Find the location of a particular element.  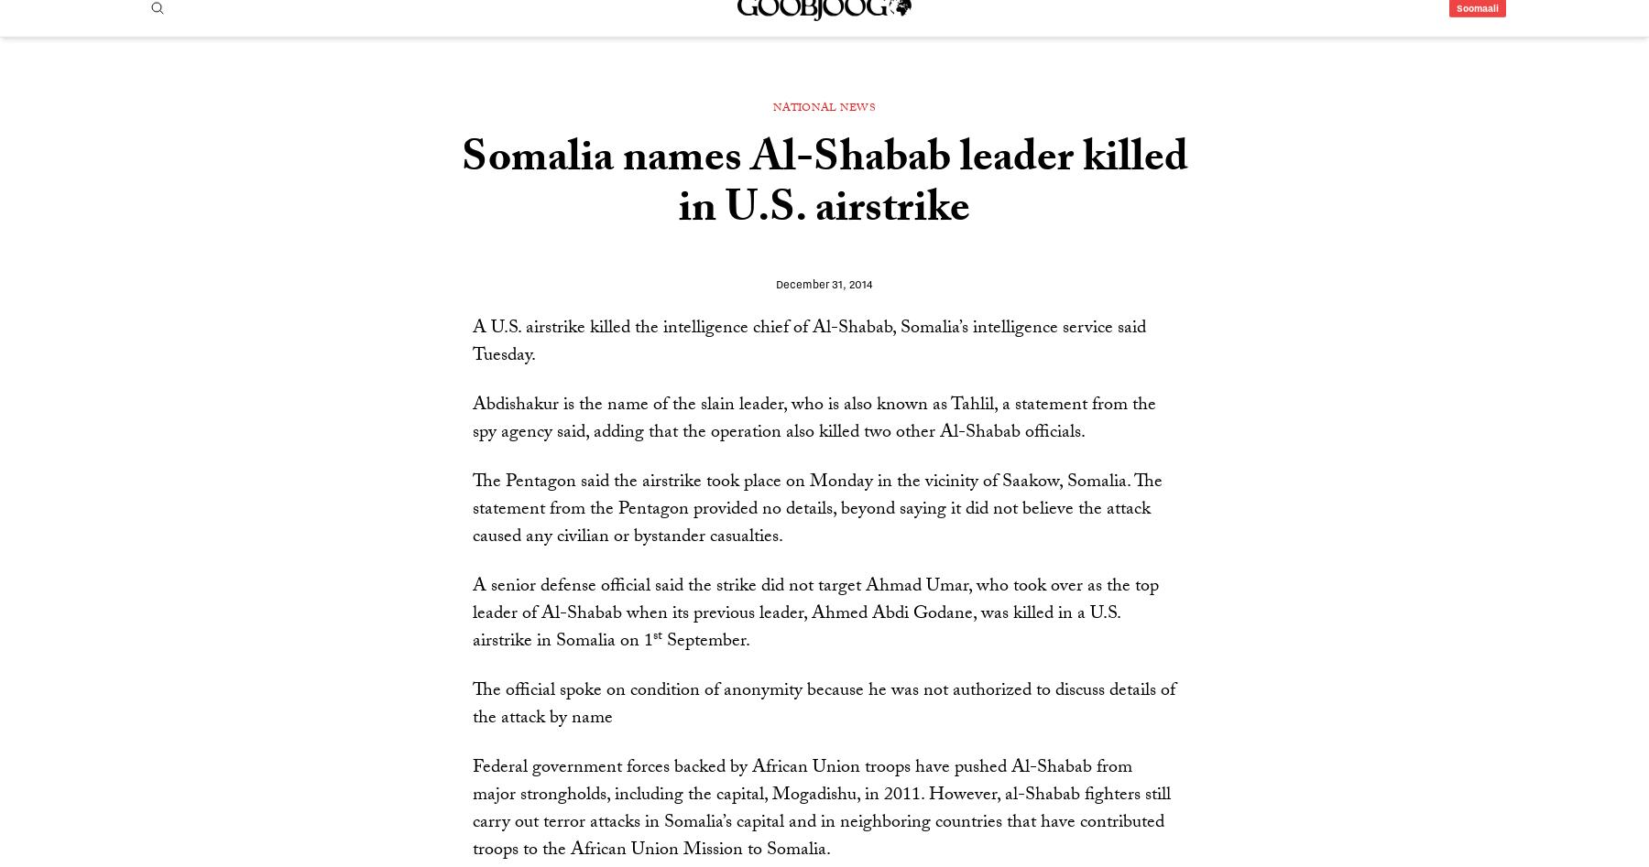

'World' is located at coordinates (637, 84).